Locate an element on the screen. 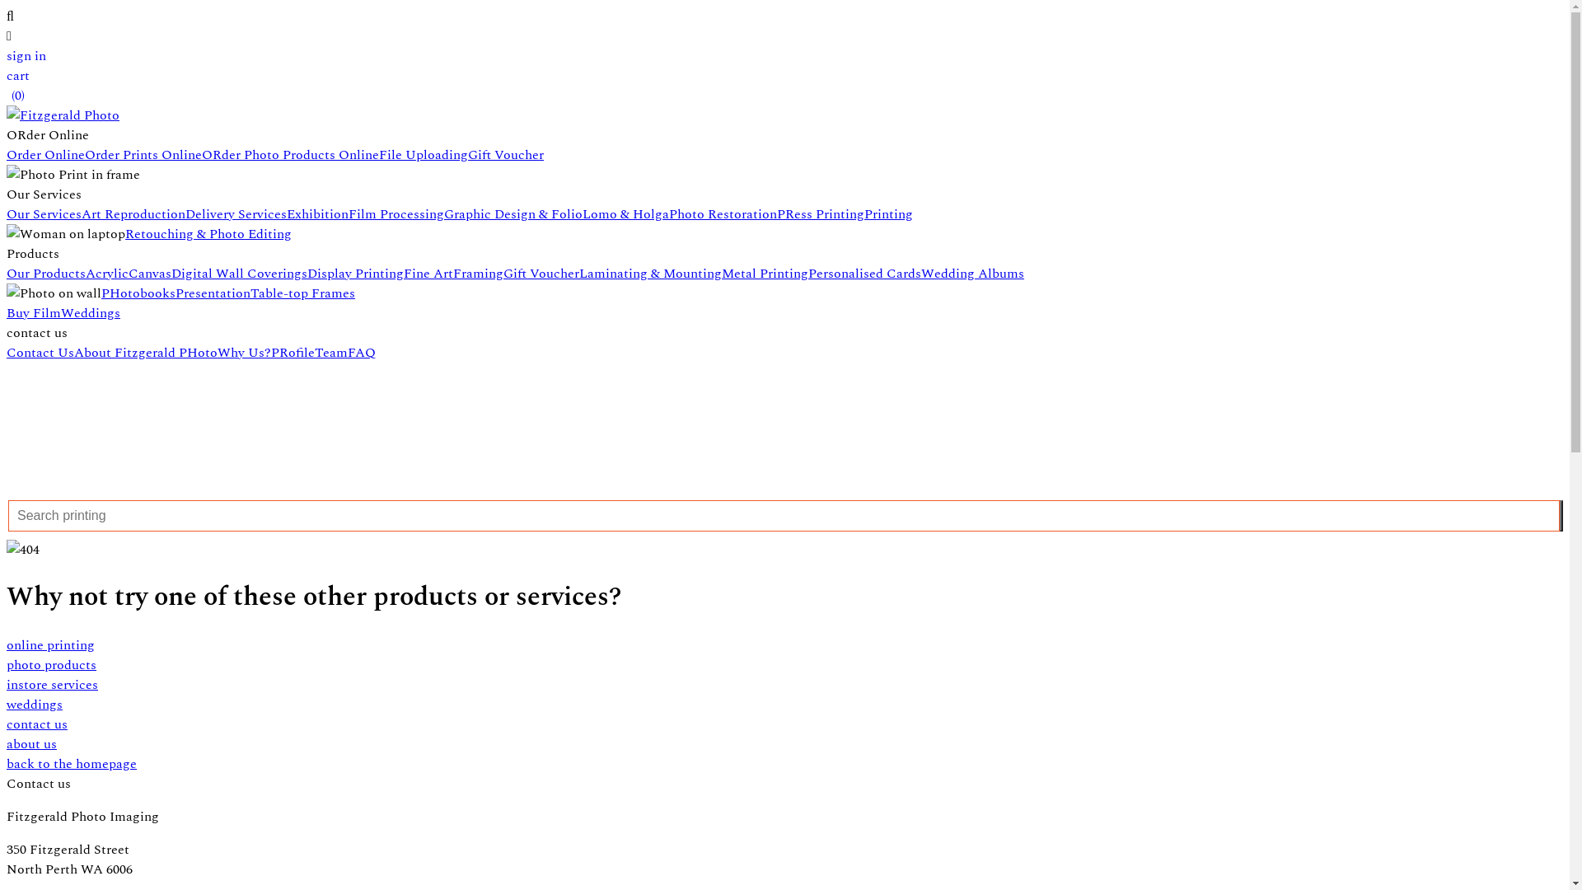 The image size is (1582, 890). 'Order Prints Online' is located at coordinates (143, 155).